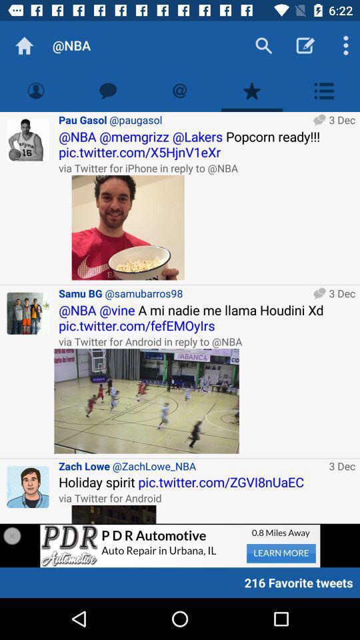 The height and width of the screenshot is (640, 360). Describe the element at coordinates (191, 466) in the screenshot. I see `the item next to 3 dec item` at that location.